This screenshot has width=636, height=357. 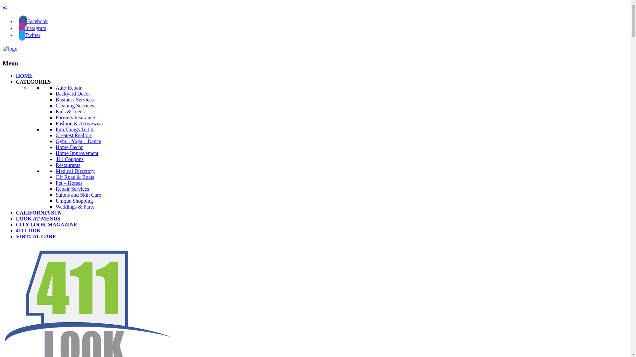 I want to click on 'Weddings & Party', so click(x=75, y=206).